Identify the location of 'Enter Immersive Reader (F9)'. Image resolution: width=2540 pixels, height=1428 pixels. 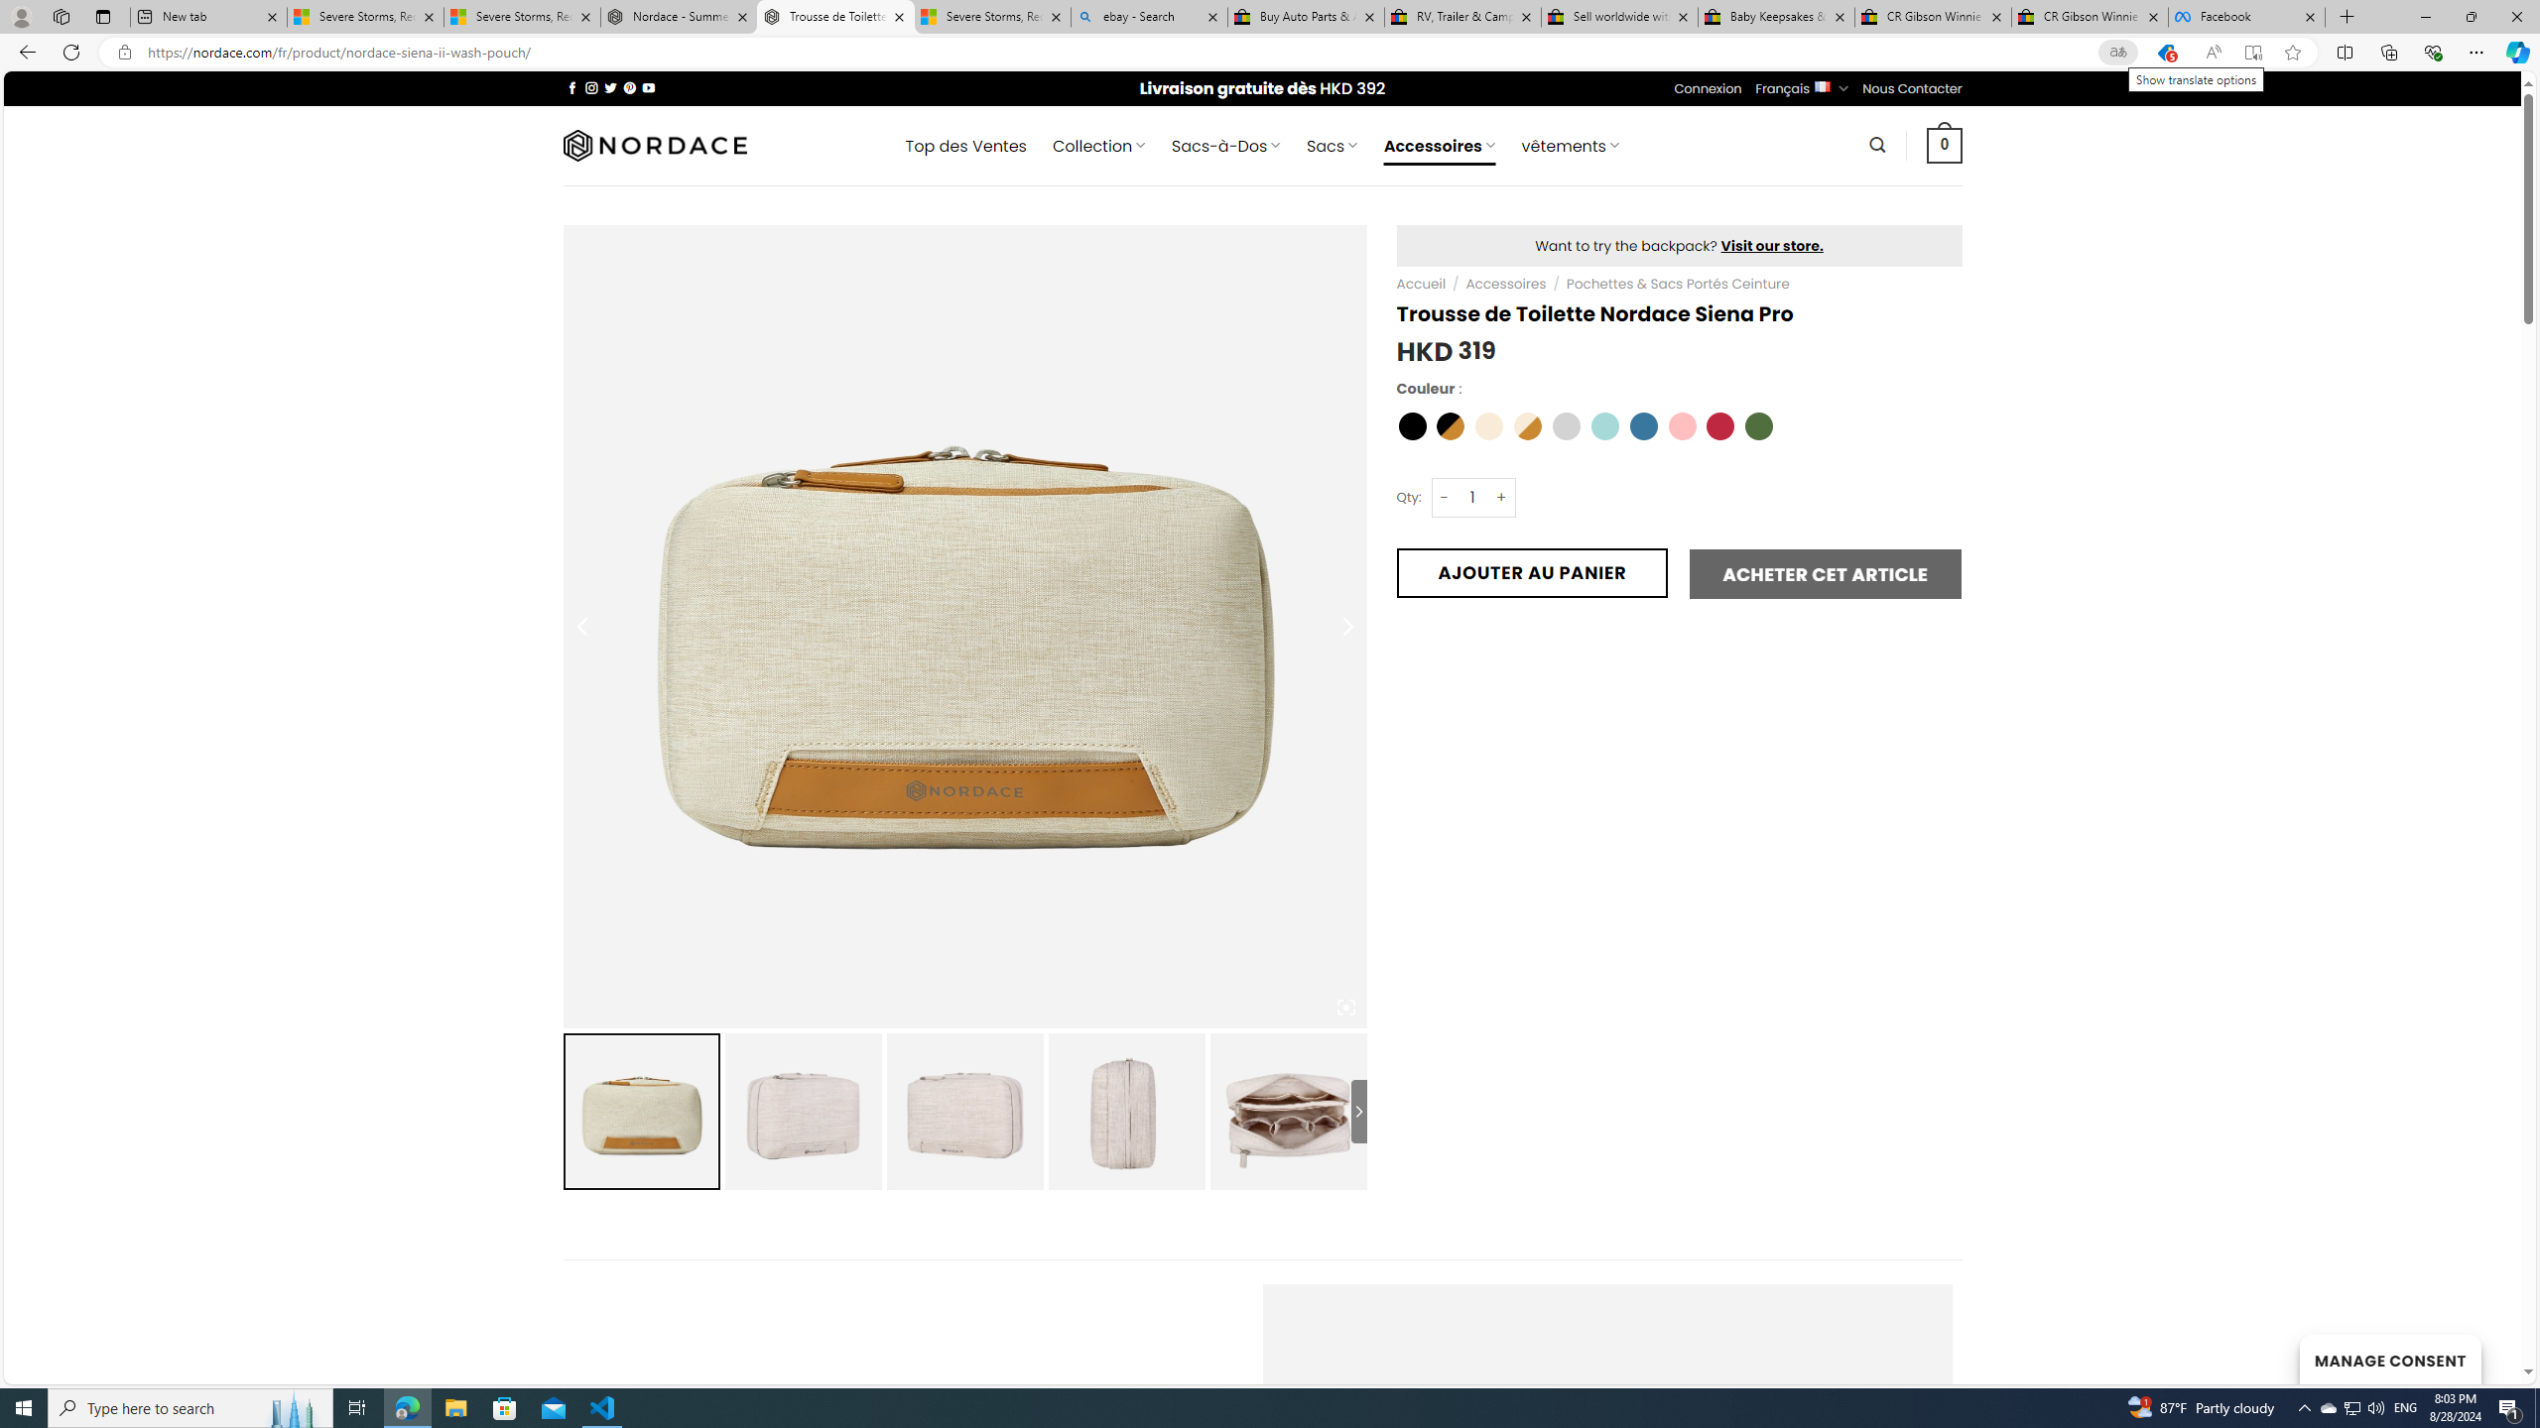
(2252, 53).